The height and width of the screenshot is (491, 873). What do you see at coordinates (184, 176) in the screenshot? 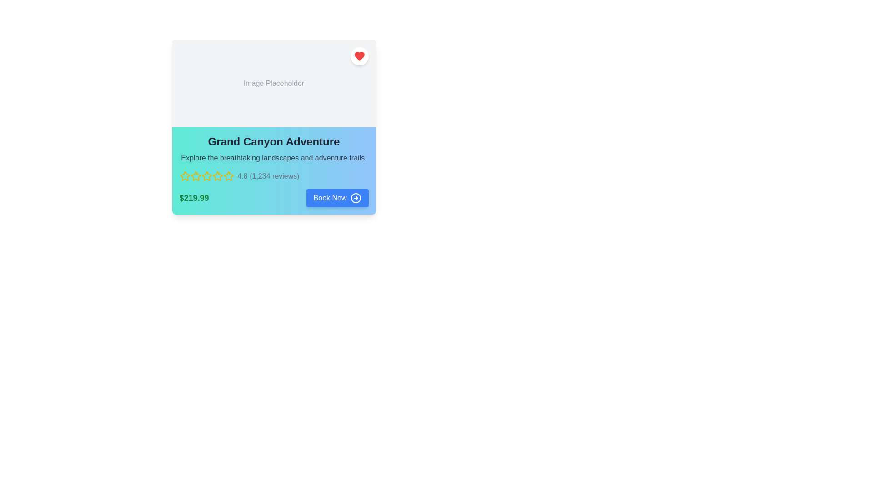
I see `the first star icon in the rating system for 'Grand Canyon Adventure', which is positioned beneath the title text and next to the numeric rating` at bounding box center [184, 176].